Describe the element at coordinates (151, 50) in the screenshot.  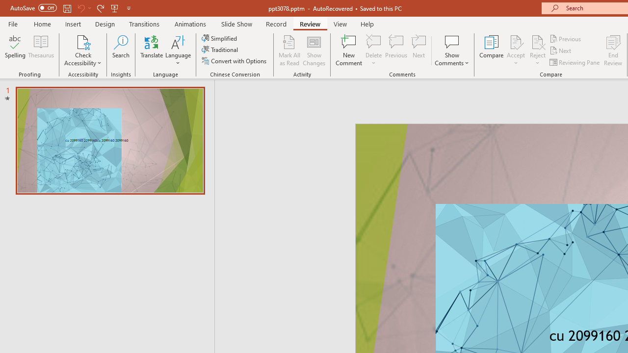
I see `'Translate'` at that location.